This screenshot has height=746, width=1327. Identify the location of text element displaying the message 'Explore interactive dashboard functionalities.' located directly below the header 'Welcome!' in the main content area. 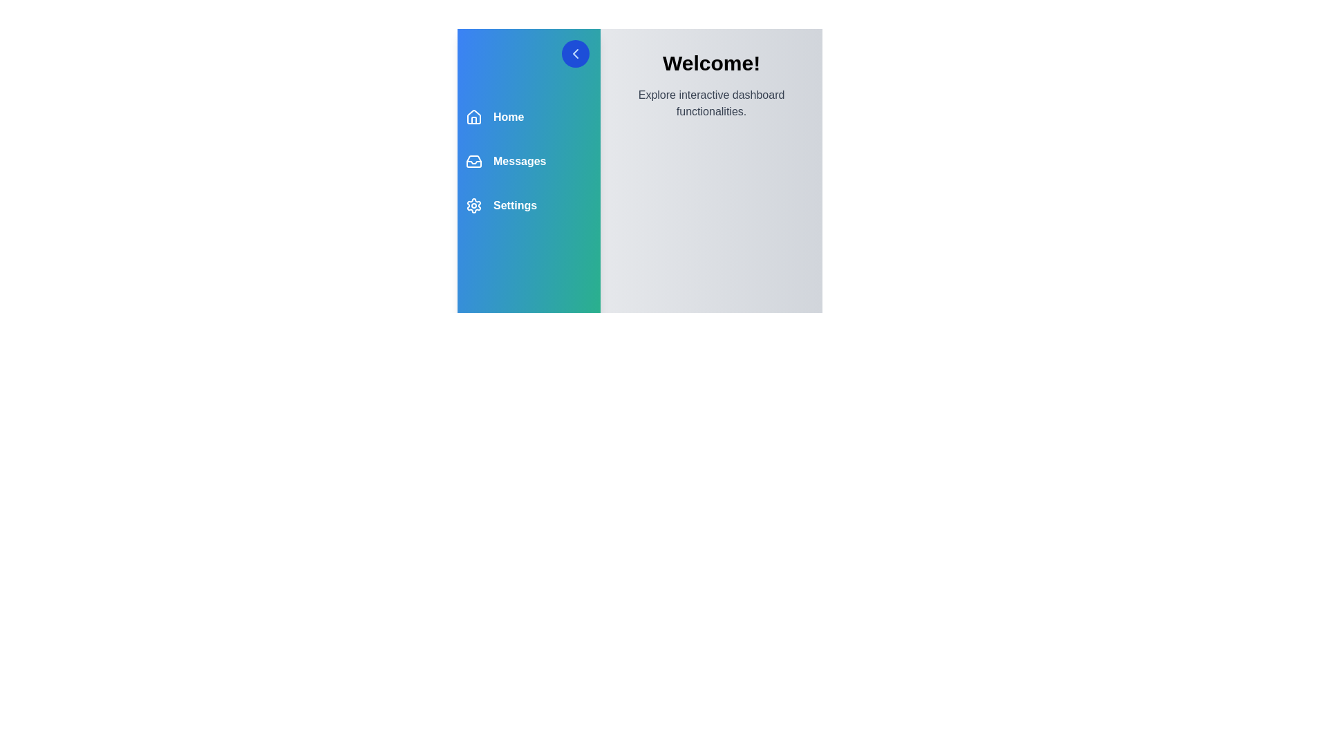
(711, 103).